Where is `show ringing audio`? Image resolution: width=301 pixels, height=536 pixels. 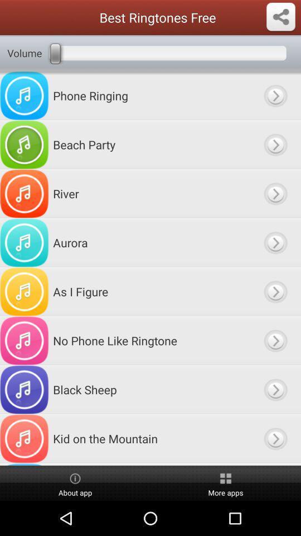 show ringing audio is located at coordinates (275, 95).